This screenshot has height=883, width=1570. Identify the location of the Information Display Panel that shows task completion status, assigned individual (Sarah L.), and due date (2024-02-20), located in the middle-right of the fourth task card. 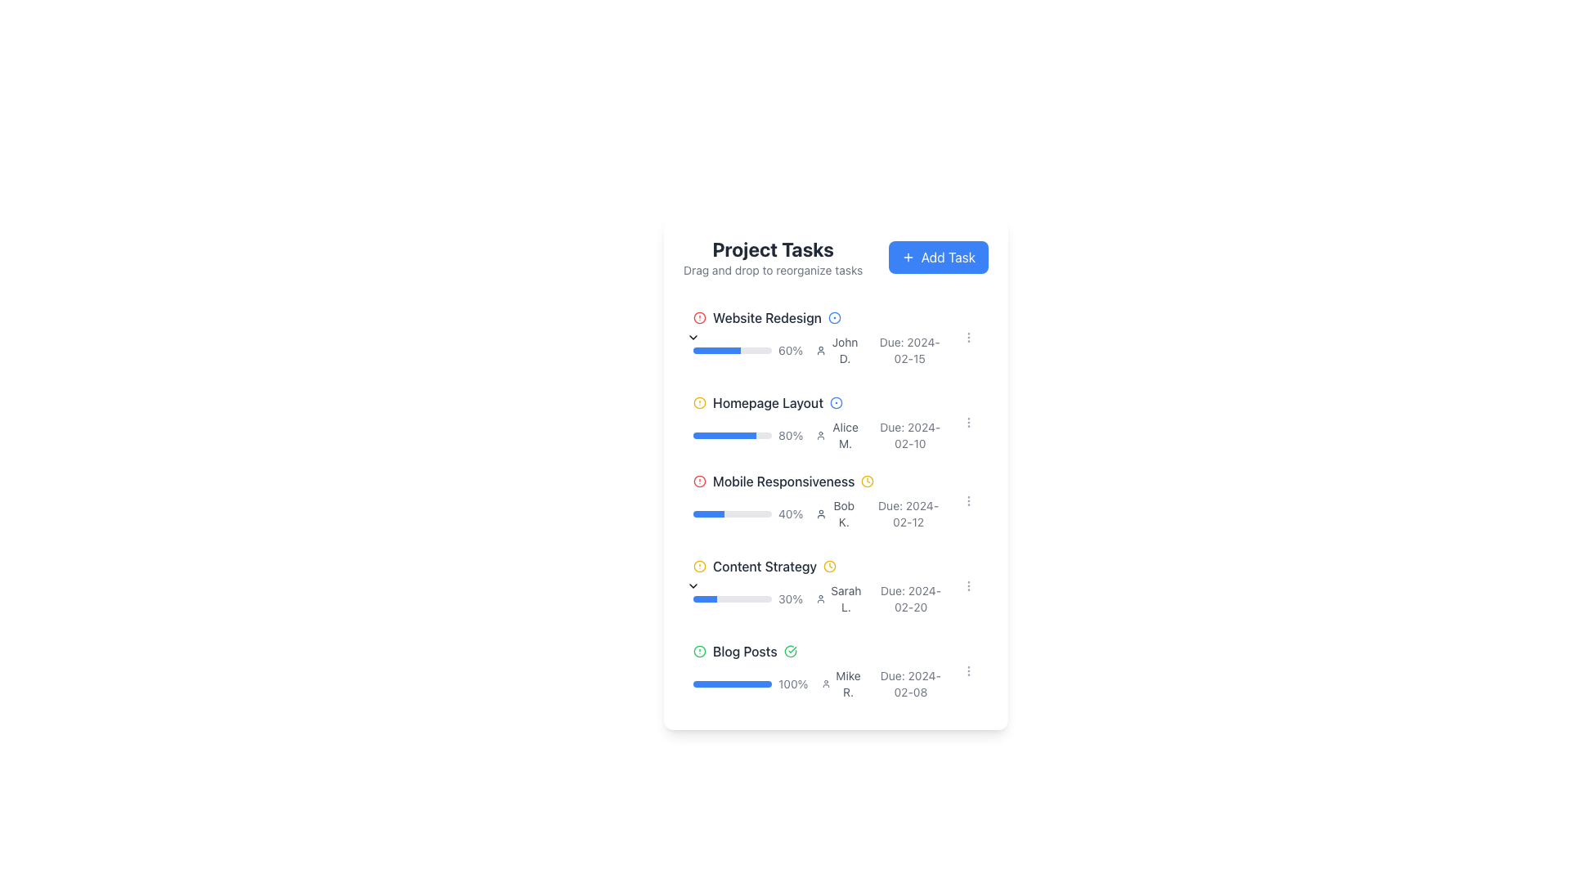
(819, 598).